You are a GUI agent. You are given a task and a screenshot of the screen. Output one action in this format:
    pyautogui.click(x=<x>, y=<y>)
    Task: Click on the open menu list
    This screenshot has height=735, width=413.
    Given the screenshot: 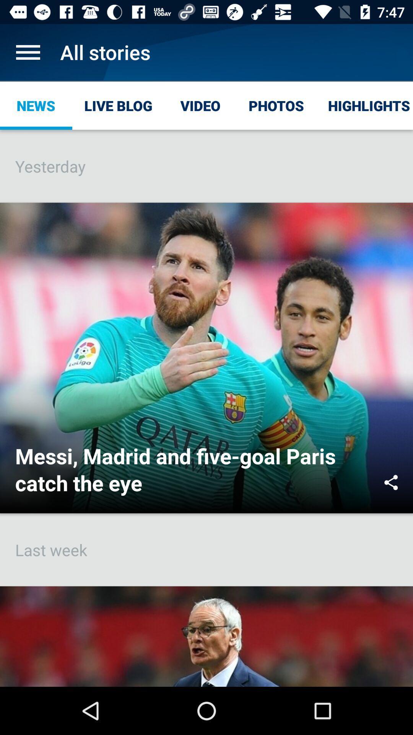 What is the action you would take?
    pyautogui.click(x=28, y=52)
    